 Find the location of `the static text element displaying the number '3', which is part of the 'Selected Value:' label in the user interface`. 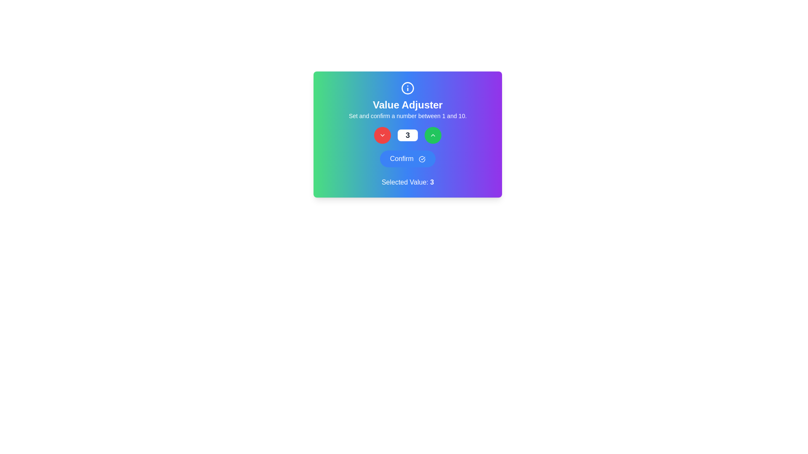

the static text element displaying the number '3', which is part of the 'Selected Value:' label in the user interface is located at coordinates (432, 182).